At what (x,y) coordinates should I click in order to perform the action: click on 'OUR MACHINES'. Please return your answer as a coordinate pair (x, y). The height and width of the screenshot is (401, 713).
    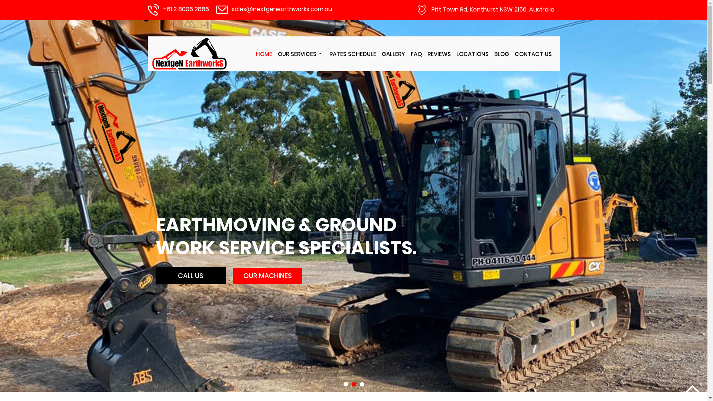
    Looking at the image, I should click on (267, 276).